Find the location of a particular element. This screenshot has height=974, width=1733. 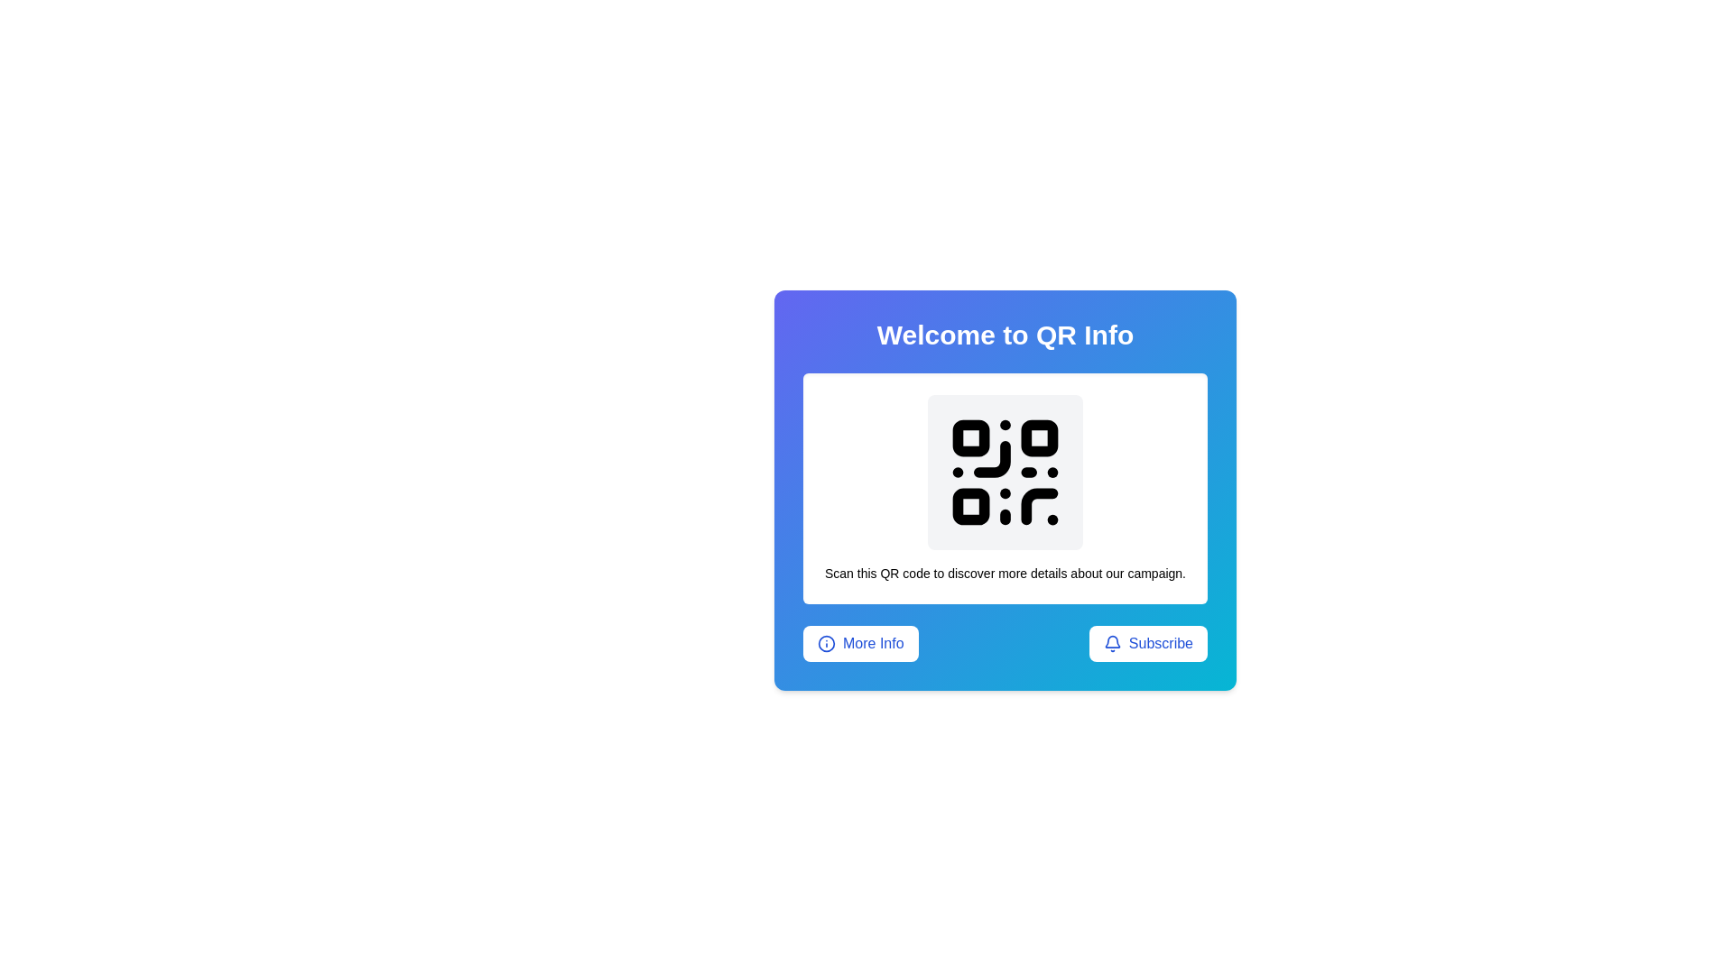

the informational icon represented as a circular shape within an SVG, located slightly to the left of the 'More Info' button is located at coordinates (826, 642).